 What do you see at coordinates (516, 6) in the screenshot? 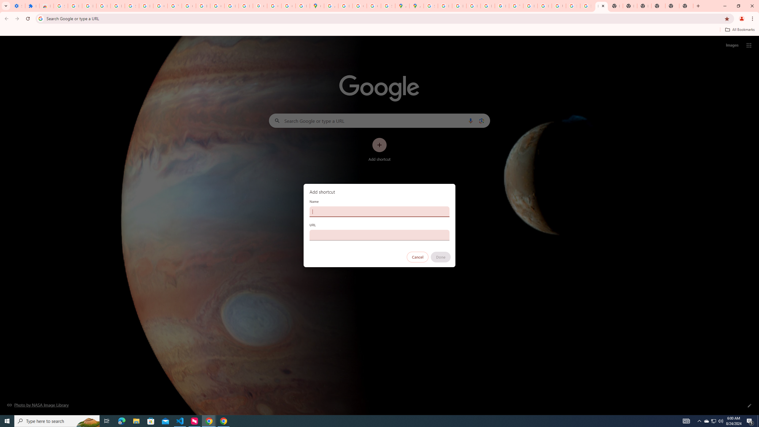
I see `'YouTube'` at bounding box center [516, 6].